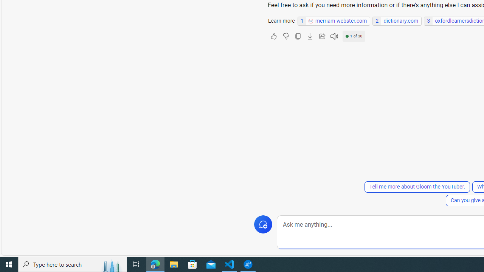 The image size is (484, 272). What do you see at coordinates (416, 187) in the screenshot?
I see `'Tell me more about Gloom the YouTuber.'` at bounding box center [416, 187].